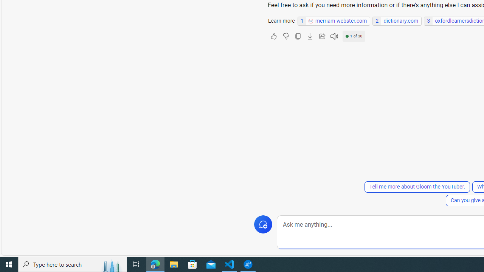 The image size is (484, 272). What do you see at coordinates (416, 187) in the screenshot?
I see `'Tell me more about Gloom the YouTuber.'` at bounding box center [416, 187].